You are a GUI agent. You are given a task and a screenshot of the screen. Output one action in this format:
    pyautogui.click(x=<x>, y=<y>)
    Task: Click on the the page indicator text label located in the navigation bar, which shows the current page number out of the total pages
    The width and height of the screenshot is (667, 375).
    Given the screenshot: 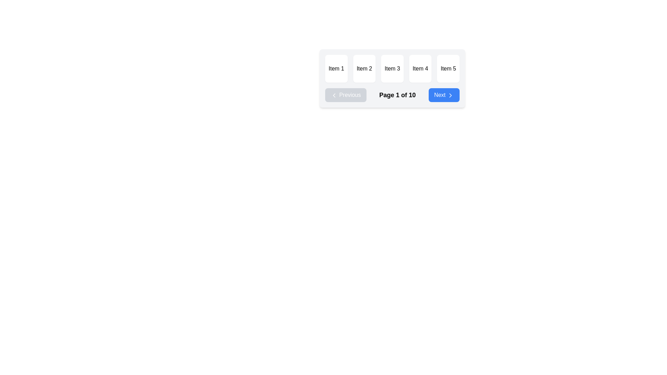 What is the action you would take?
    pyautogui.click(x=397, y=95)
    